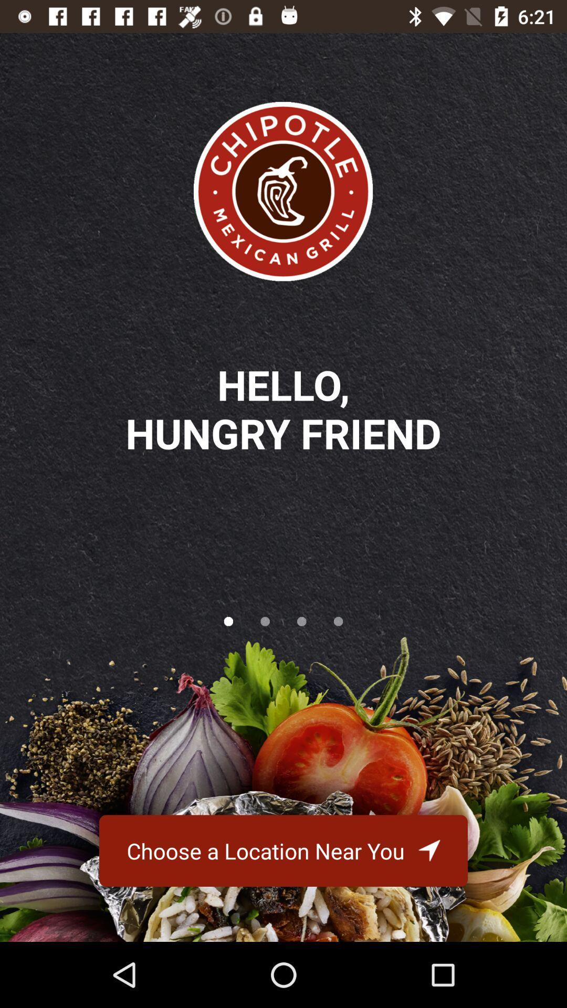 The width and height of the screenshot is (567, 1008). What do you see at coordinates (283, 850) in the screenshot?
I see `choose a location item` at bounding box center [283, 850].